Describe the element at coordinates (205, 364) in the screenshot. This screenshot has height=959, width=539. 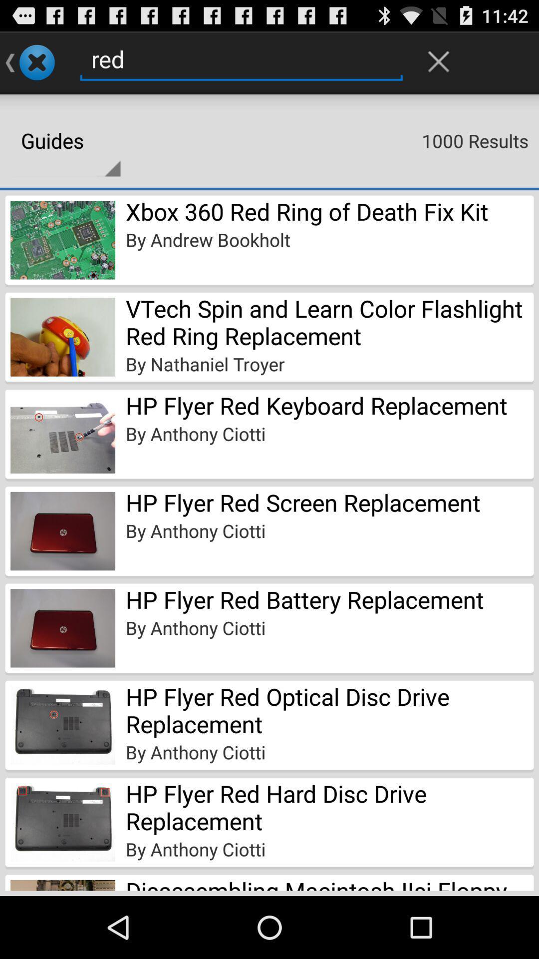
I see `the app above hp flyer red` at that location.